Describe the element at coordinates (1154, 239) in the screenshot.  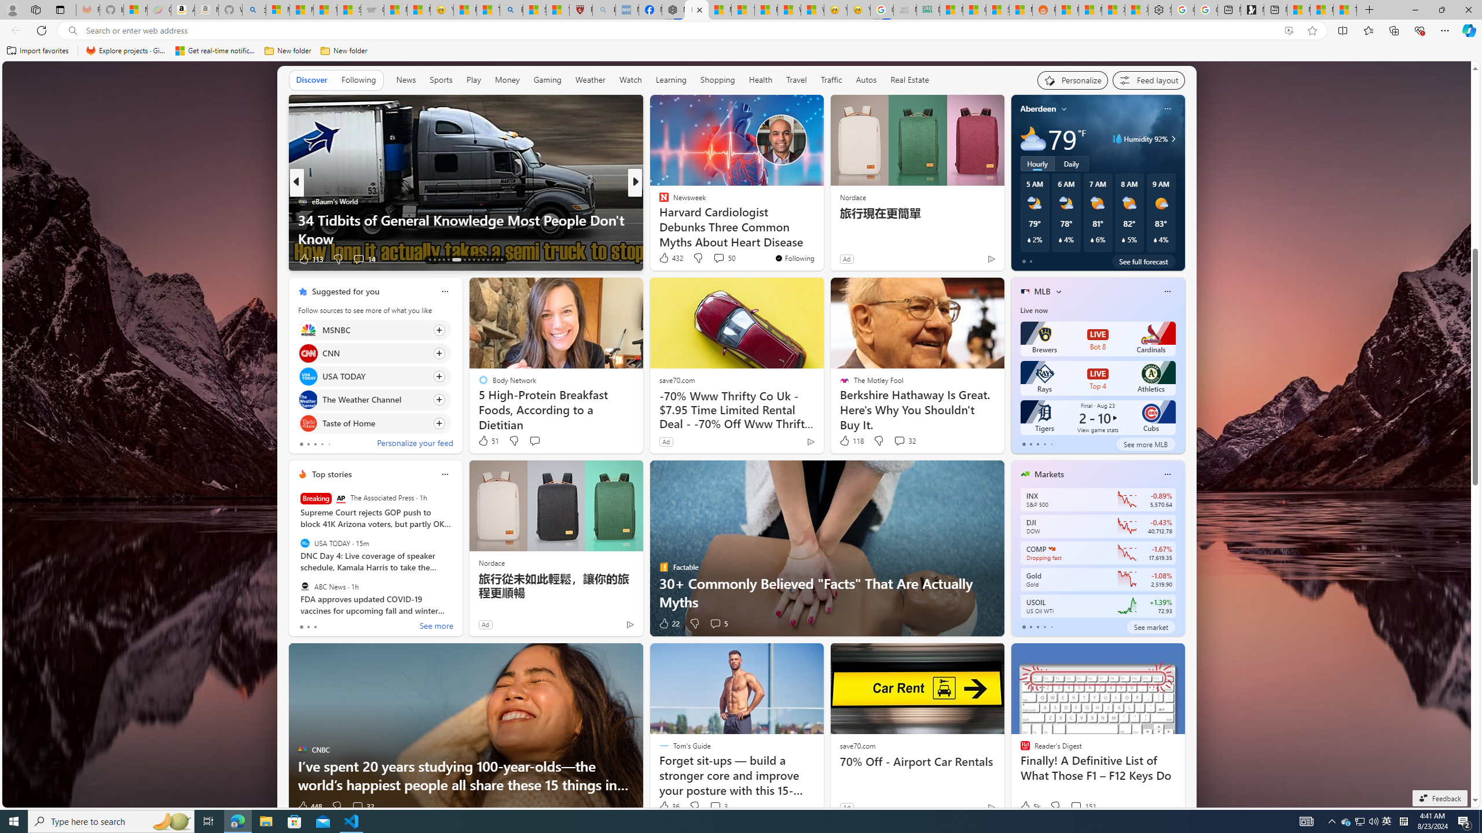
I see `'Class: weather-current-precipitation-glyph'` at that location.